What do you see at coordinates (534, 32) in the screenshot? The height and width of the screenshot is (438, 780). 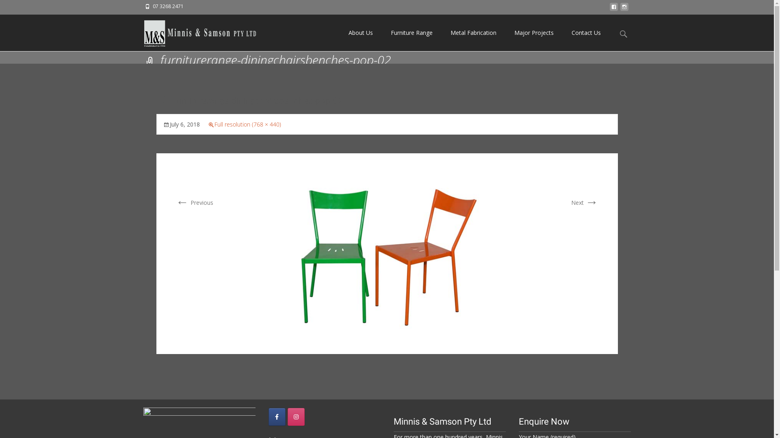 I see `'Major Projects'` at bounding box center [534, 32].